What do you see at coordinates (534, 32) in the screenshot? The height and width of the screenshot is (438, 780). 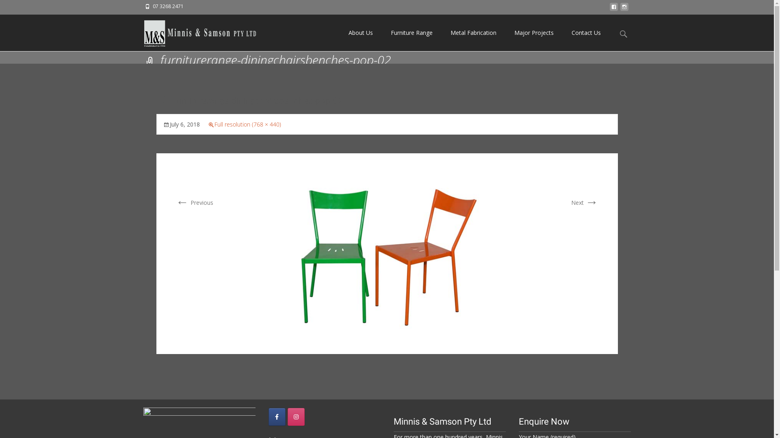 I see `'Major Projects'` at bounding box center [534, 32].